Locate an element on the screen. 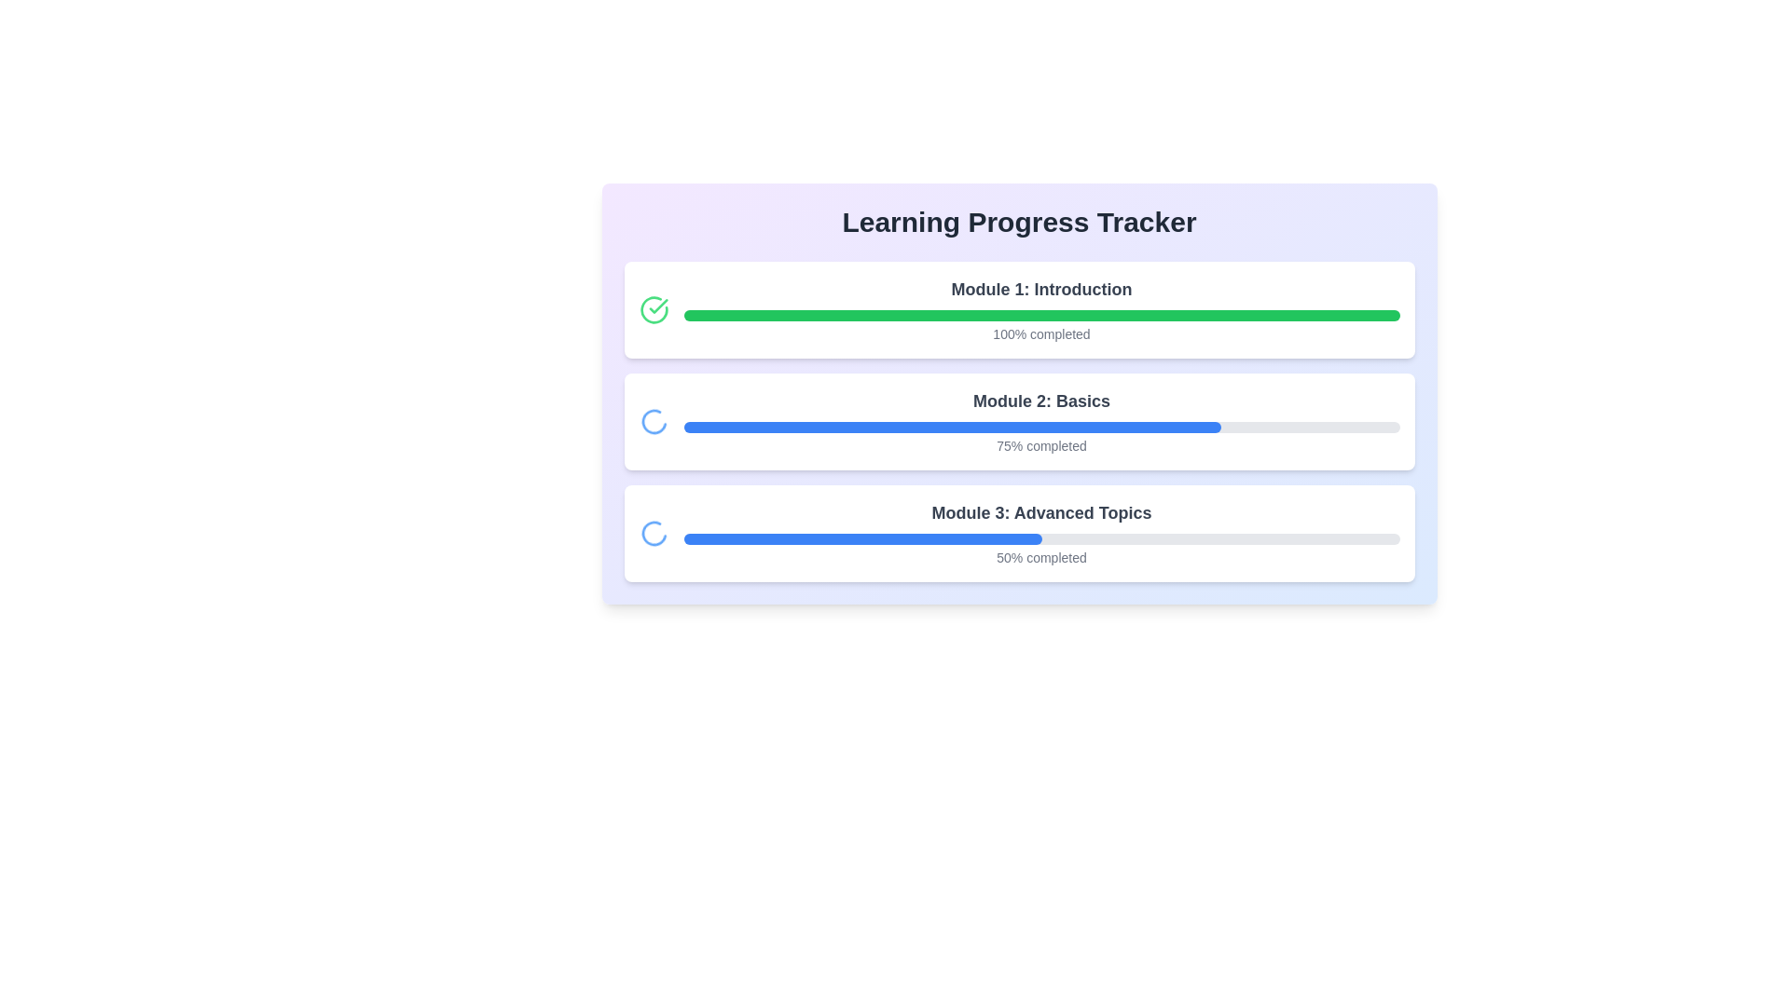 This screenshot has height=1006, width=1790. the green progress bar labeled '100% completed' for 'Module 1: Introduction' to interact with the module is located at coordinates (1040, 308).